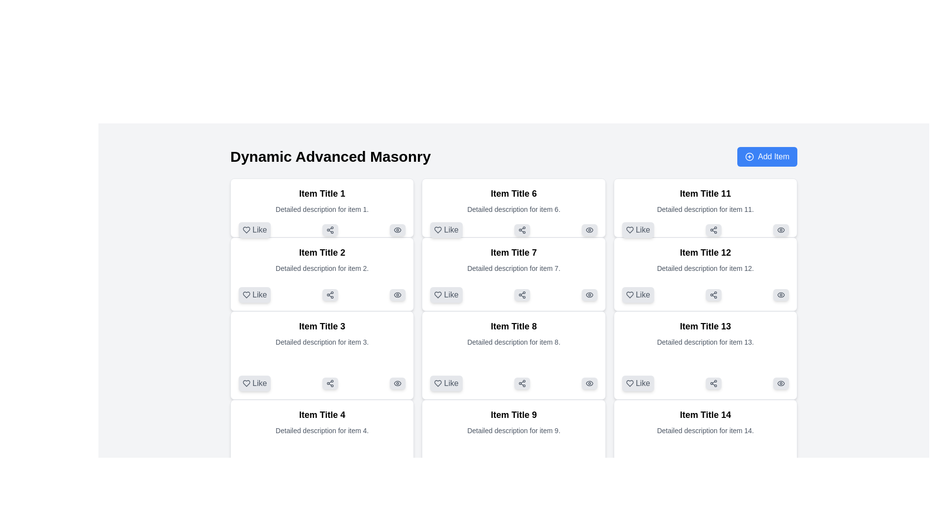 The width and height of the screenshot is (945, 531). What do you see at coordinates (438, 295) in the screenshot?
I see `the 'Like' button located at the bottom-left corner of the card titled 'Item Title 7'` at bounding box center [438, 295].